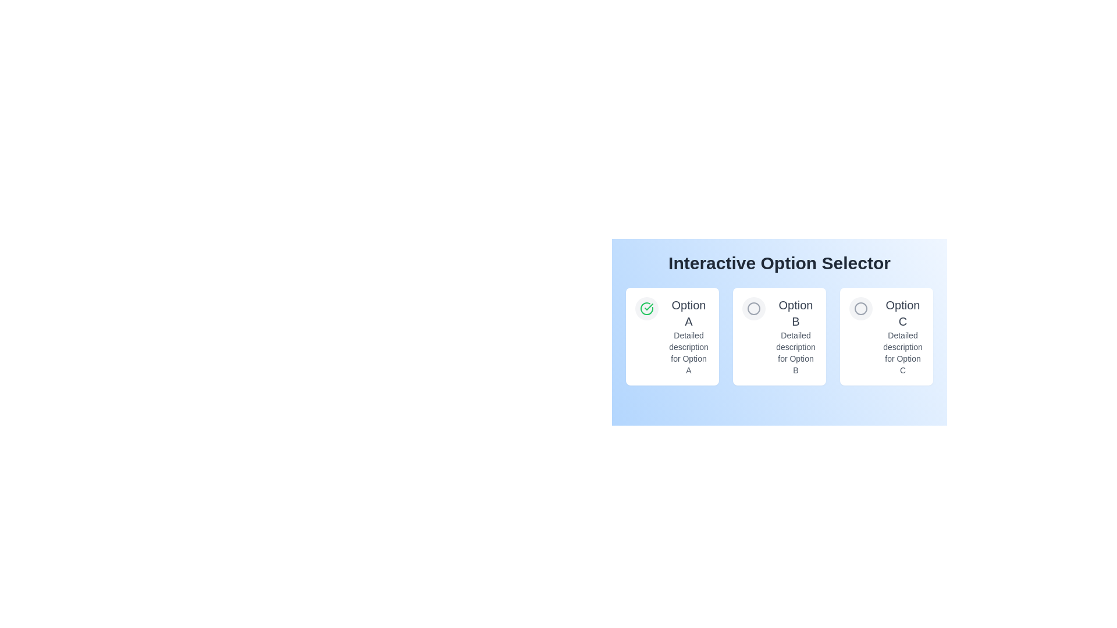 This screenshot has height=628, width=1117. Describe the element at coordinates (689, 352) in the screenshot. I see `the static text label that contains 'Detailed description for Option A', which is located below the 'Option A' label in the first option card` at that location.